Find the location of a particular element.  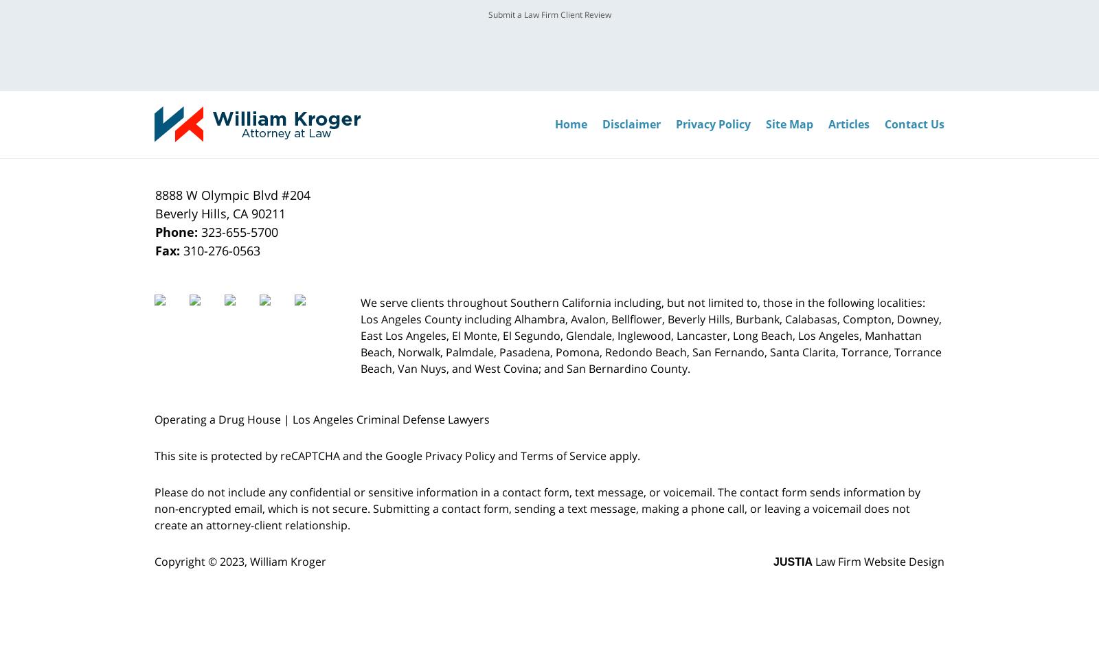

',' is located at coordinates (229, 214).